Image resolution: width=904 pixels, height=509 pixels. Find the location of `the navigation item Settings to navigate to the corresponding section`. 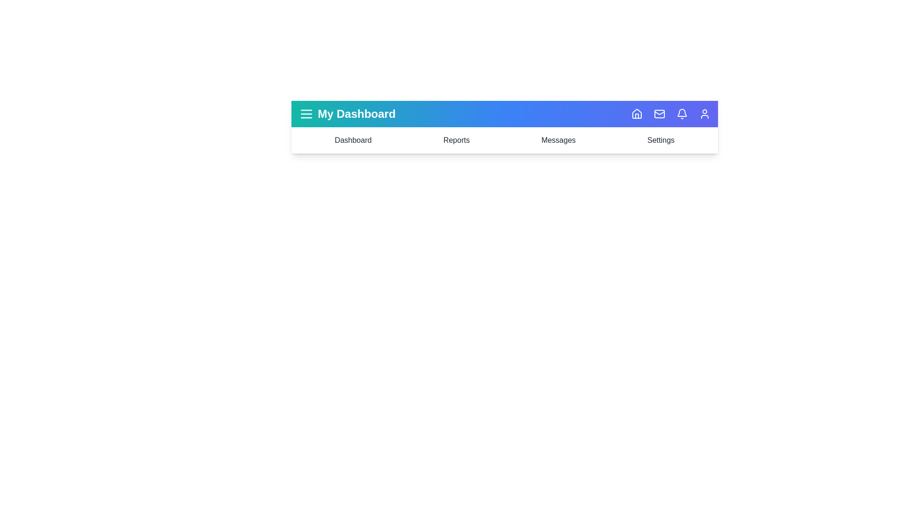

the navigation item Settings to navigate to the corresponding section is located at coordinates (660, 140).